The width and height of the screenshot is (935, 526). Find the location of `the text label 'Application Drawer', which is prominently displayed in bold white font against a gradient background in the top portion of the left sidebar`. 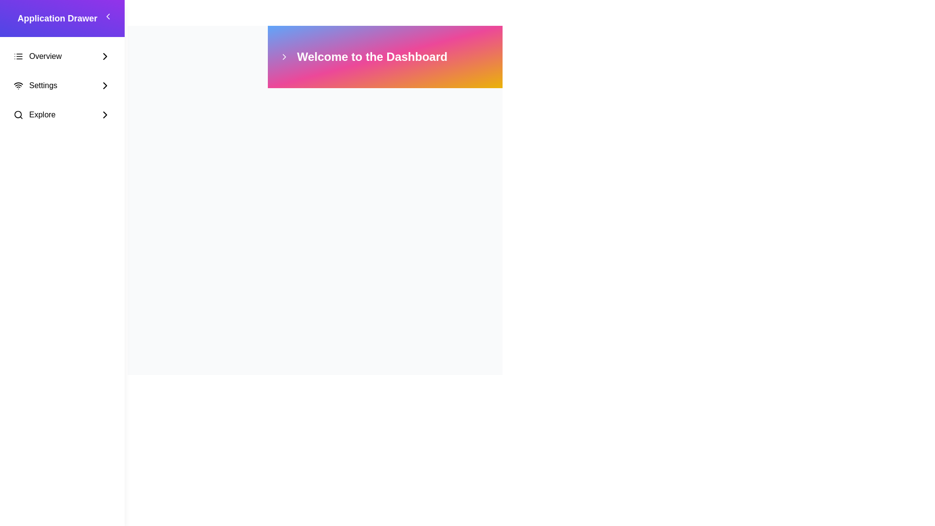

the text label 'Application Drawer', which is prominently displayed in bold white font against a gradient background in the top portion of the left sidebar is located at coordinates (62, 19).